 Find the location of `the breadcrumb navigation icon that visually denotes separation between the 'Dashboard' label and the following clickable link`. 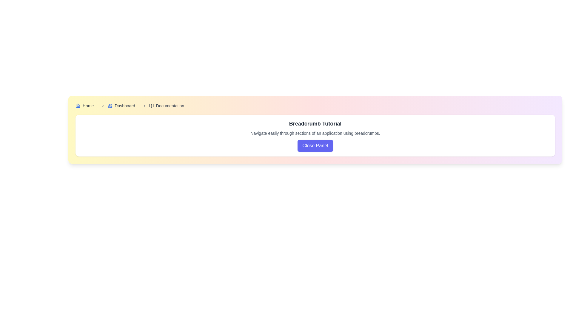

the breadcrumb navigation icon that visually denotes separation between the 'Dashboard' label and the following clickable link is located at coordinates (103, 105).